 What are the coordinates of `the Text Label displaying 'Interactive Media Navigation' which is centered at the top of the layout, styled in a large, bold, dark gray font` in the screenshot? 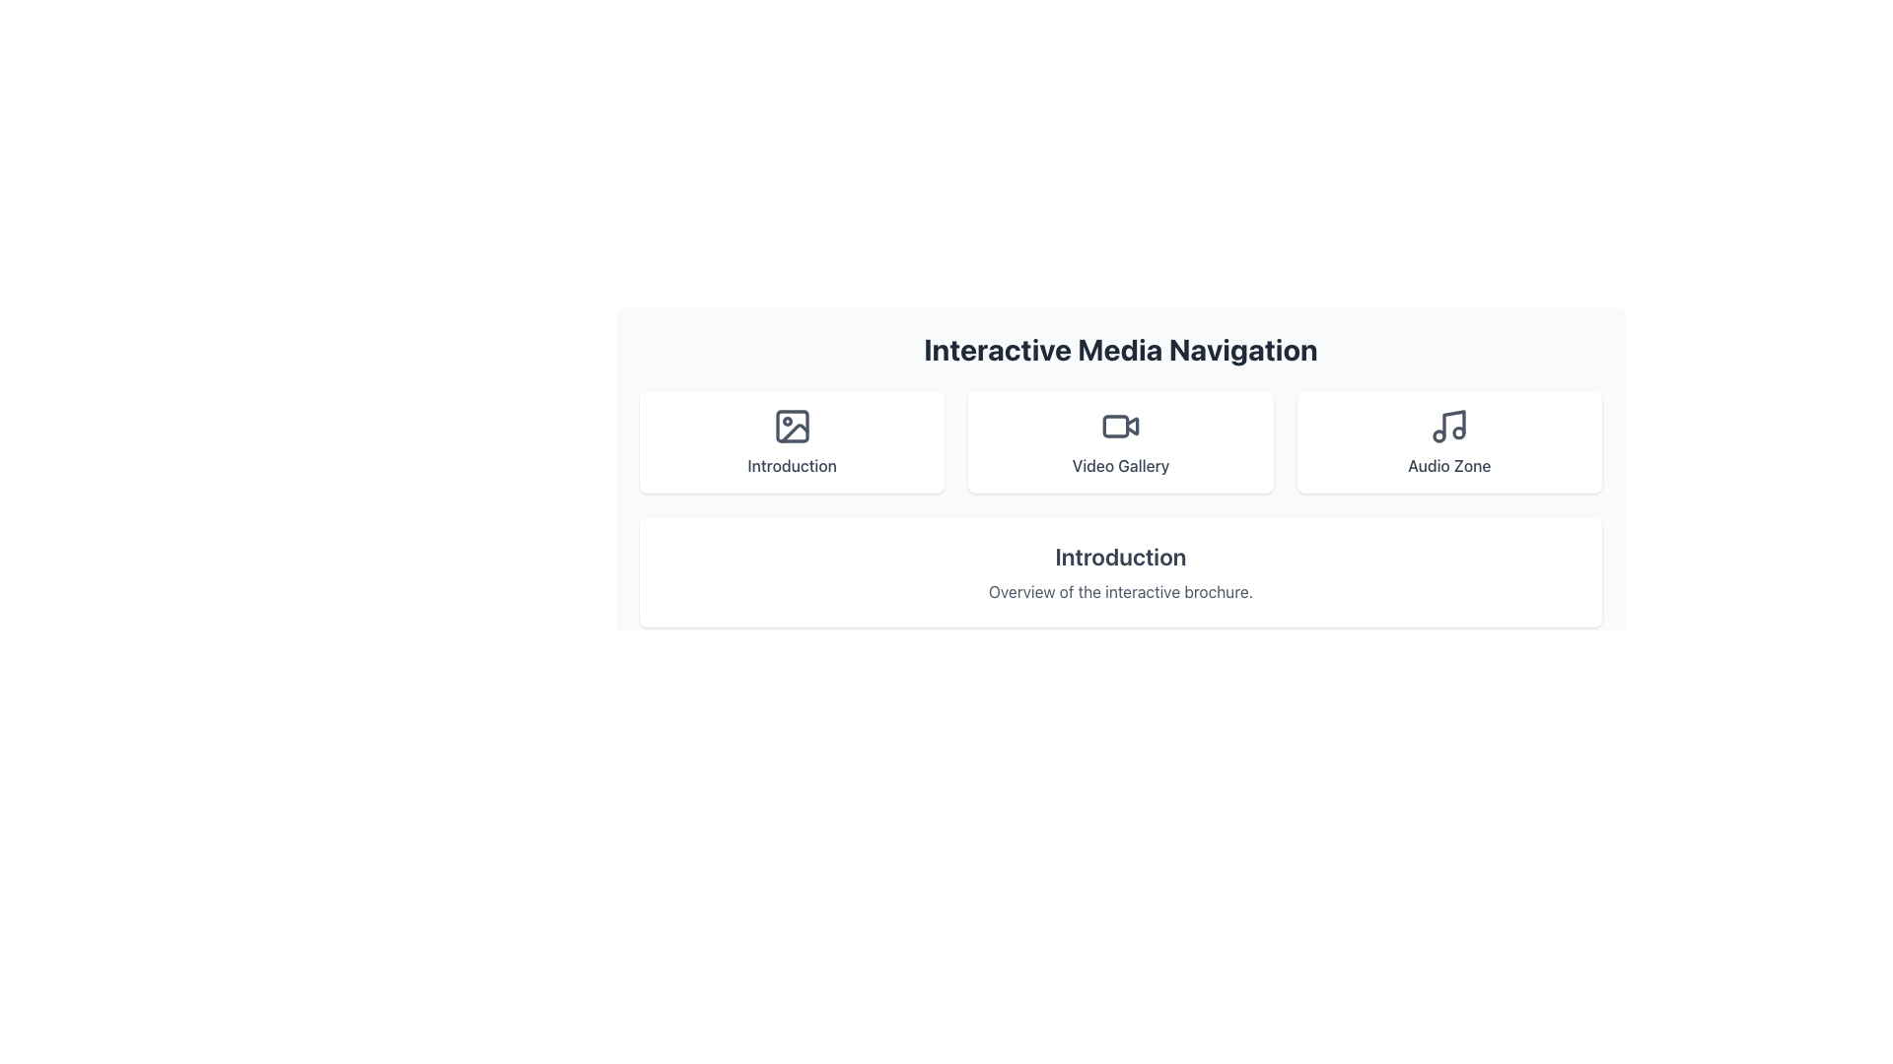 It's located at (1121, 348).